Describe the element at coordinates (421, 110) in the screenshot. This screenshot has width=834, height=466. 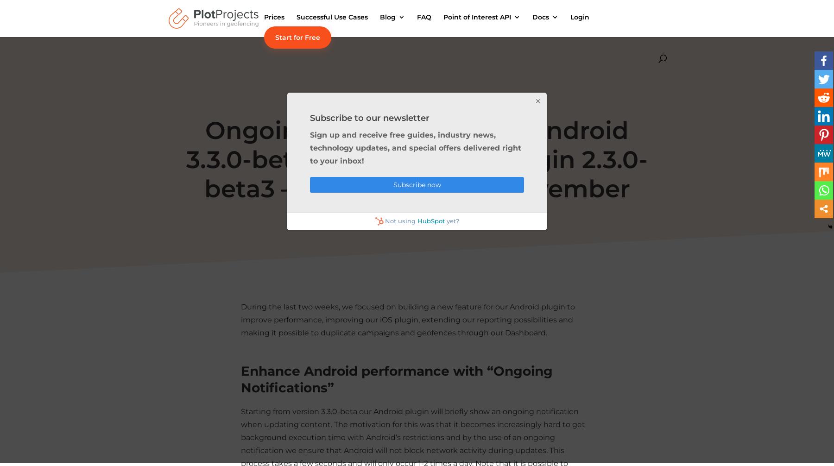
I see `'Retail Articles'` at that location.